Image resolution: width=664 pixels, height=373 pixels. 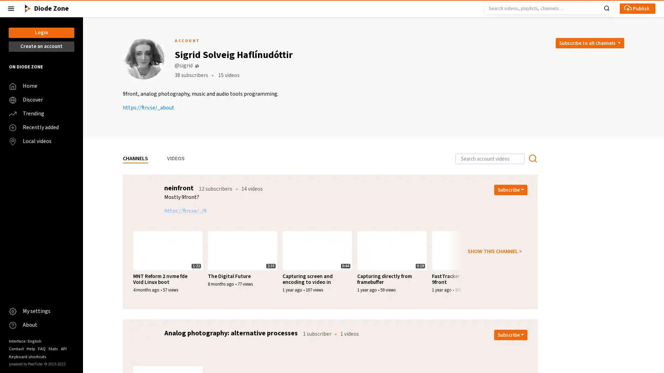 What do you see at coordinates (589, 43) in the screenshot?
I see `Open subscription dropdown` at bounding box center [589, 43].